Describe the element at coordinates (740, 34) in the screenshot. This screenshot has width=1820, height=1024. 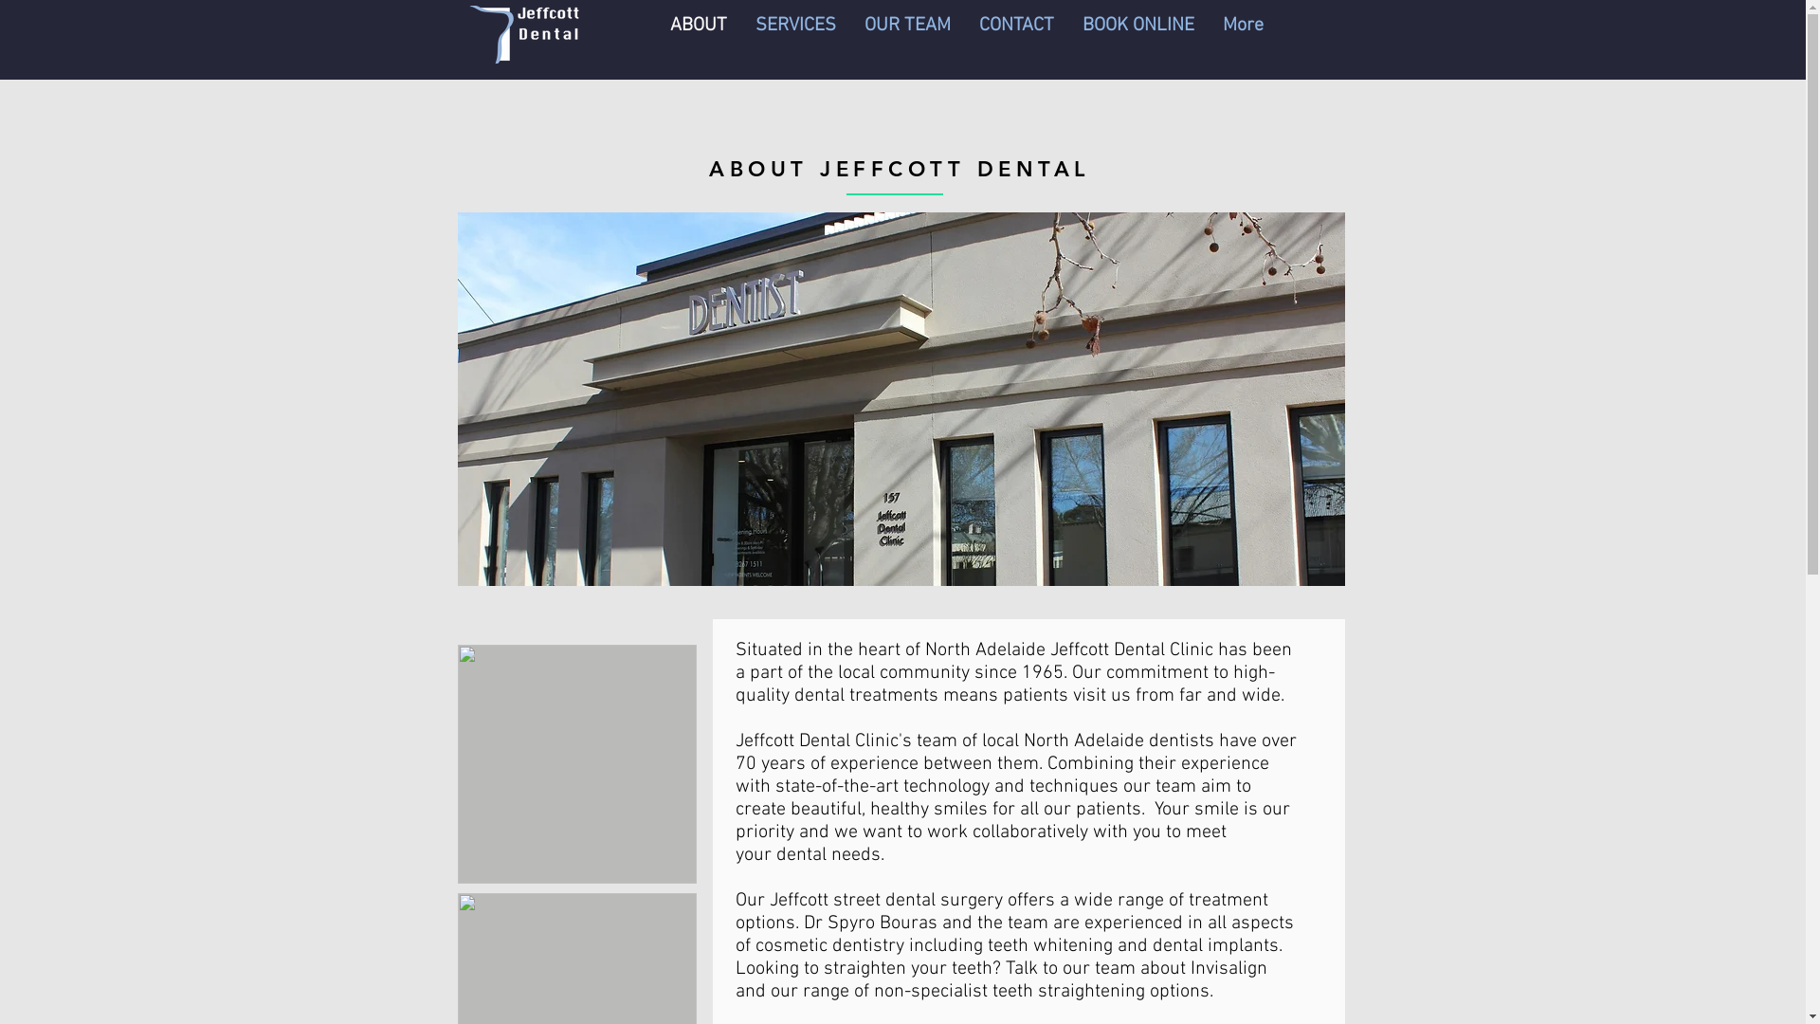
I see `'SERVICES'` at that location.